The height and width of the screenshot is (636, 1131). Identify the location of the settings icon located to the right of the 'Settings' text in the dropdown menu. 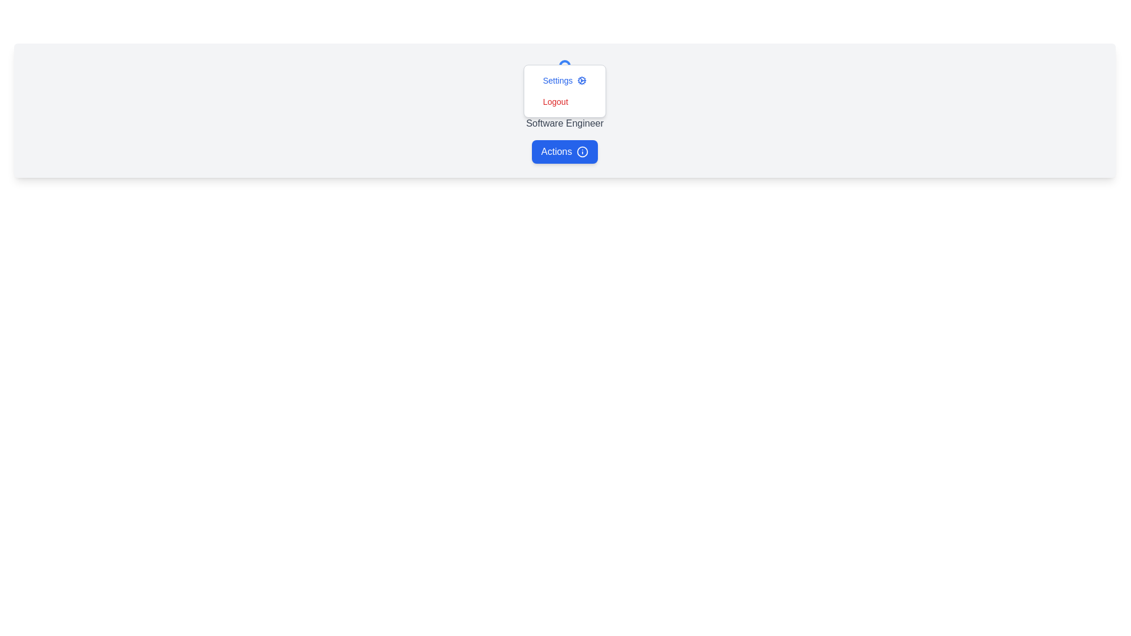
(582, 80).